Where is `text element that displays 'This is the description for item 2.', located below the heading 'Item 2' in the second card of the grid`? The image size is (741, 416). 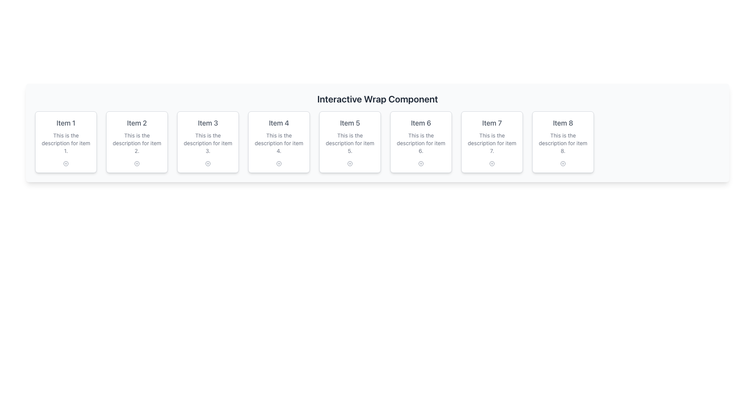 text element that displays 'This is the description for item 2.', located below the heading 'Item 2' in the second card of the grid is located at coordinates (137, 143).